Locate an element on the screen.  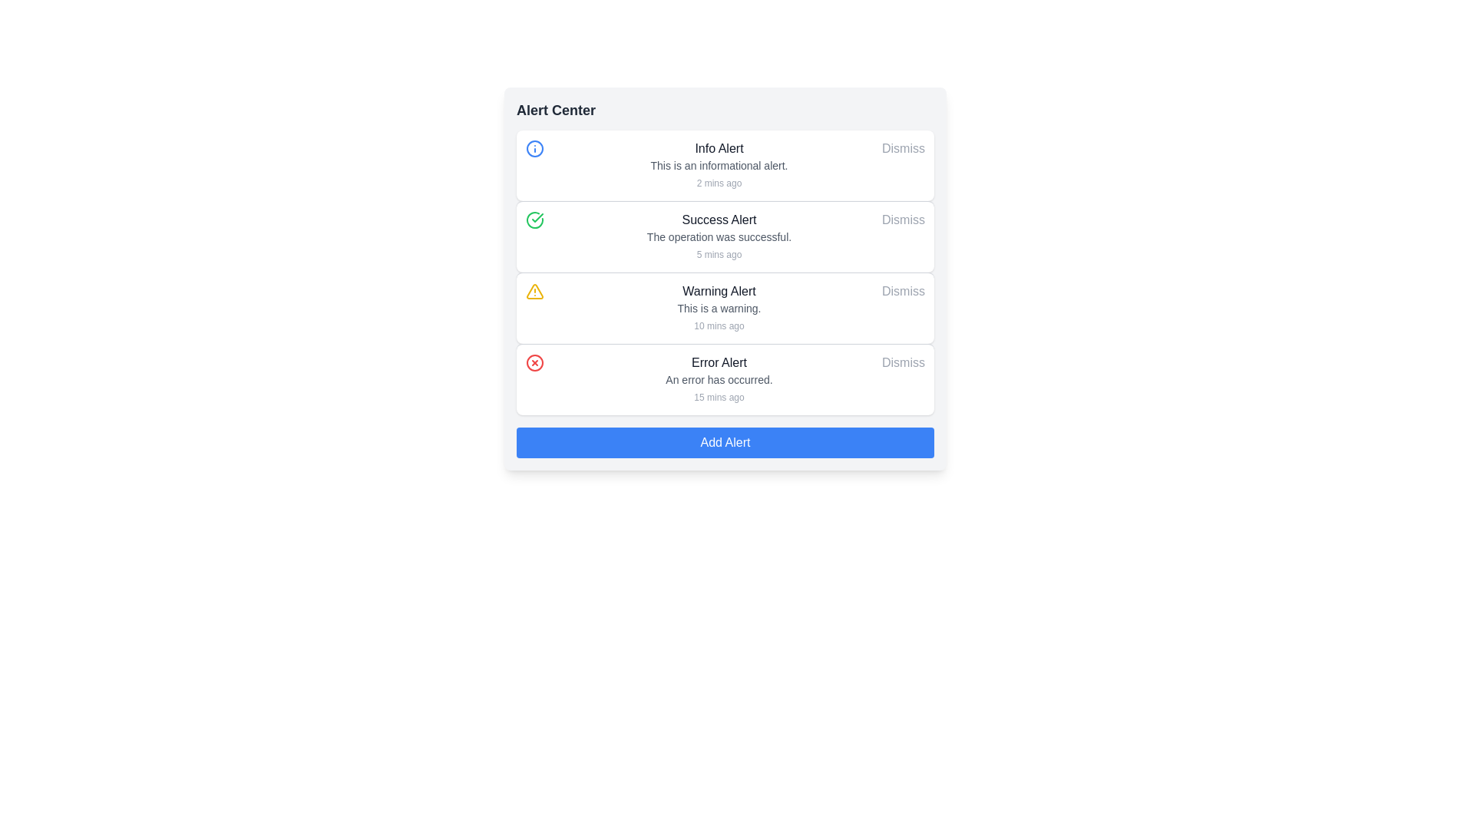
the 'Success Alert' informational display component, which shows a success message with the title 'Success Alert', subtext 'The operation was successful.', and a timestamp '5 mins ago' is located at coordinates (718, 236).